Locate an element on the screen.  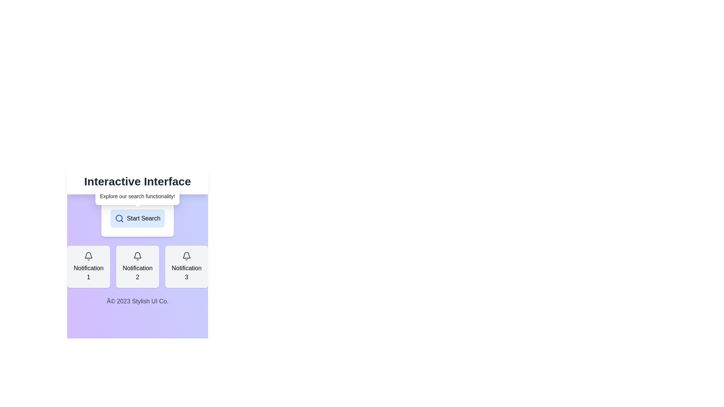
the third notification card located to the far right in the group of notification cards below the 'Start Search' button is located at coordinates (186, 266).